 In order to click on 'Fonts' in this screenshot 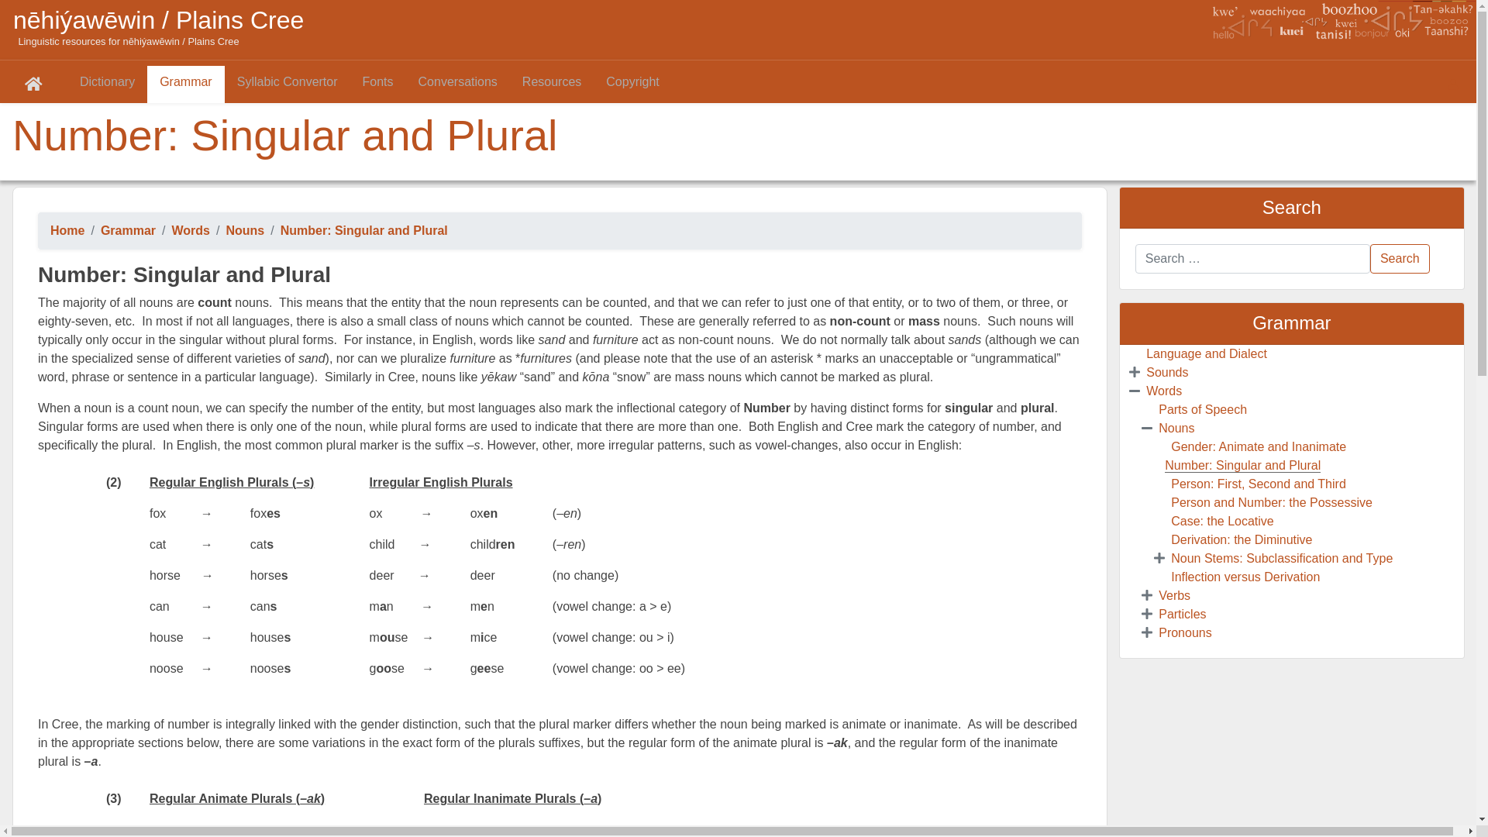, I will do `click(378, 84)`.